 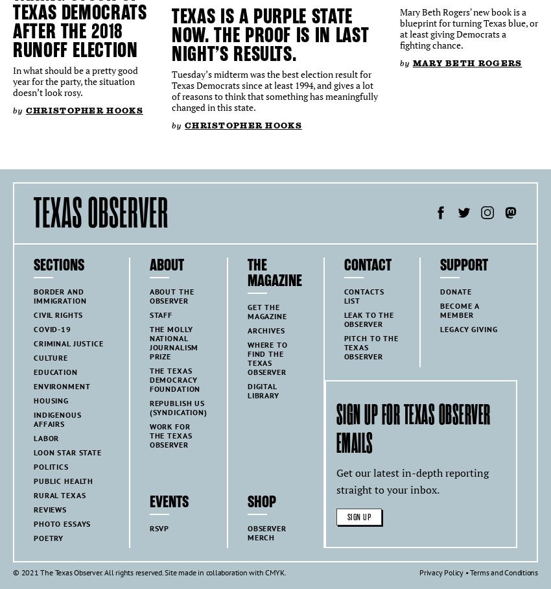 I want to click on 'Republish Us (Syndication)', so click(x=177, y=407).